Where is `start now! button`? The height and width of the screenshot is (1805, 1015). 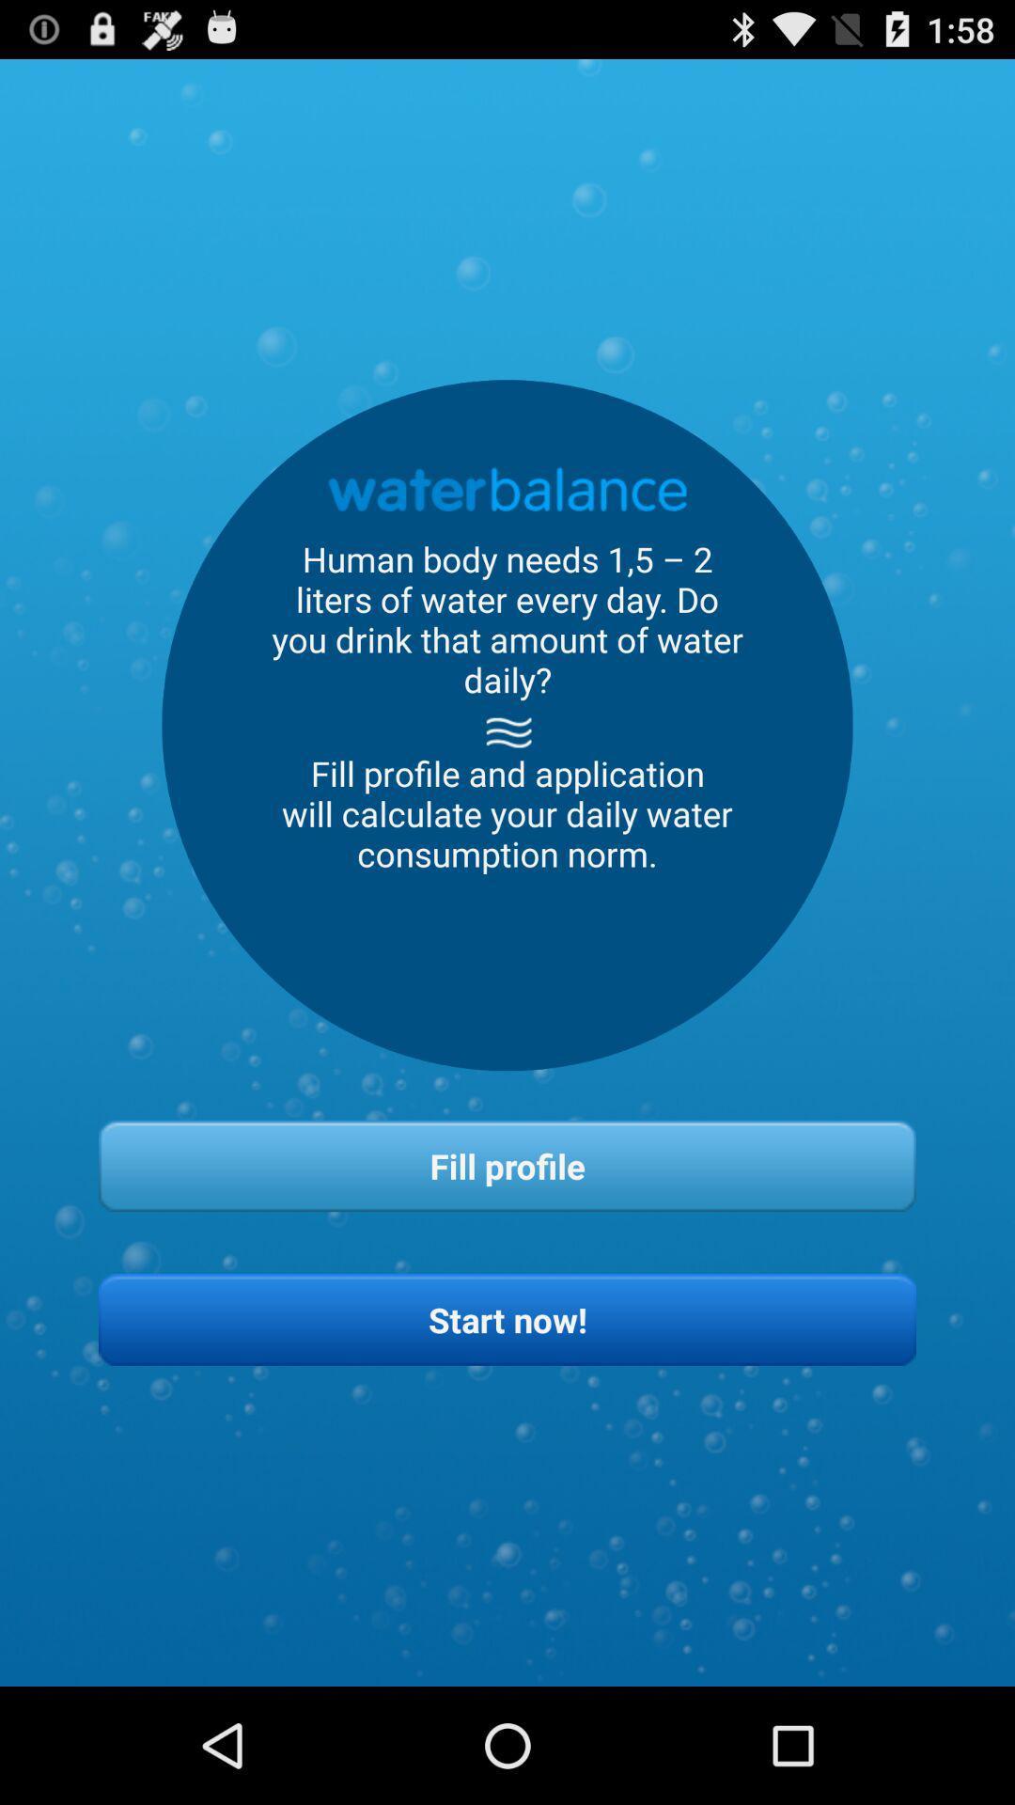
start now! button is located at coordinates (507, 1318).